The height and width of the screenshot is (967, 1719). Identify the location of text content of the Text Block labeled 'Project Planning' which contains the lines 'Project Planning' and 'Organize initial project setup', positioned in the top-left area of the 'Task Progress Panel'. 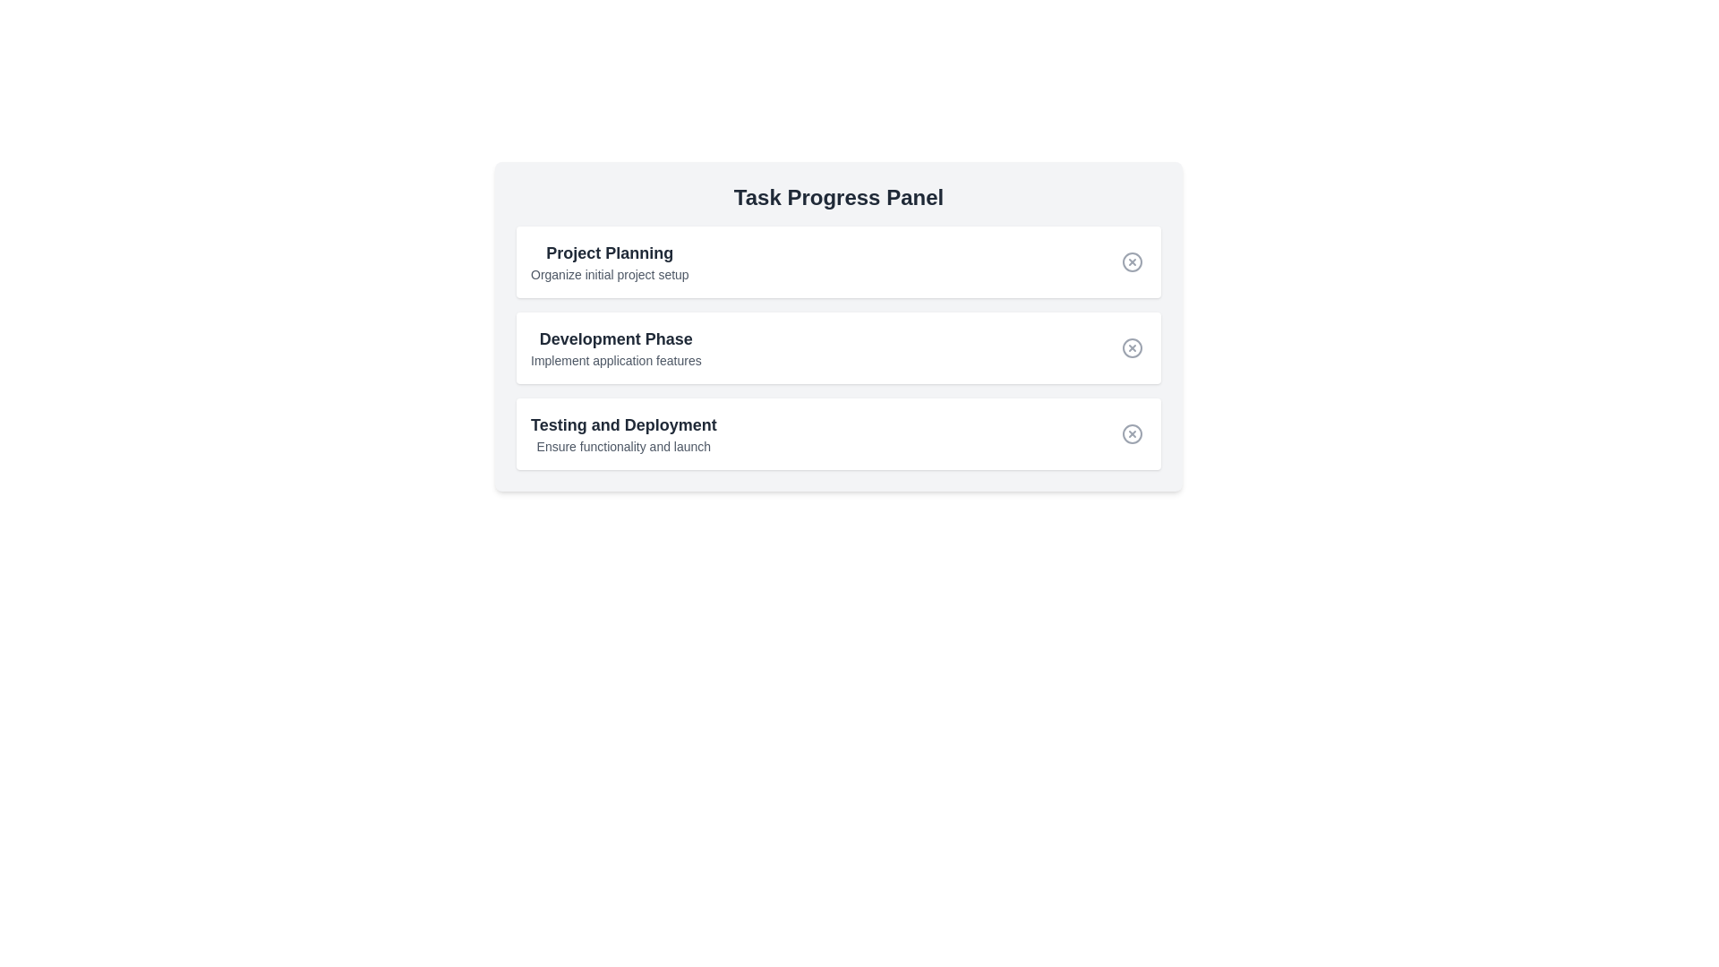
(610, 262).